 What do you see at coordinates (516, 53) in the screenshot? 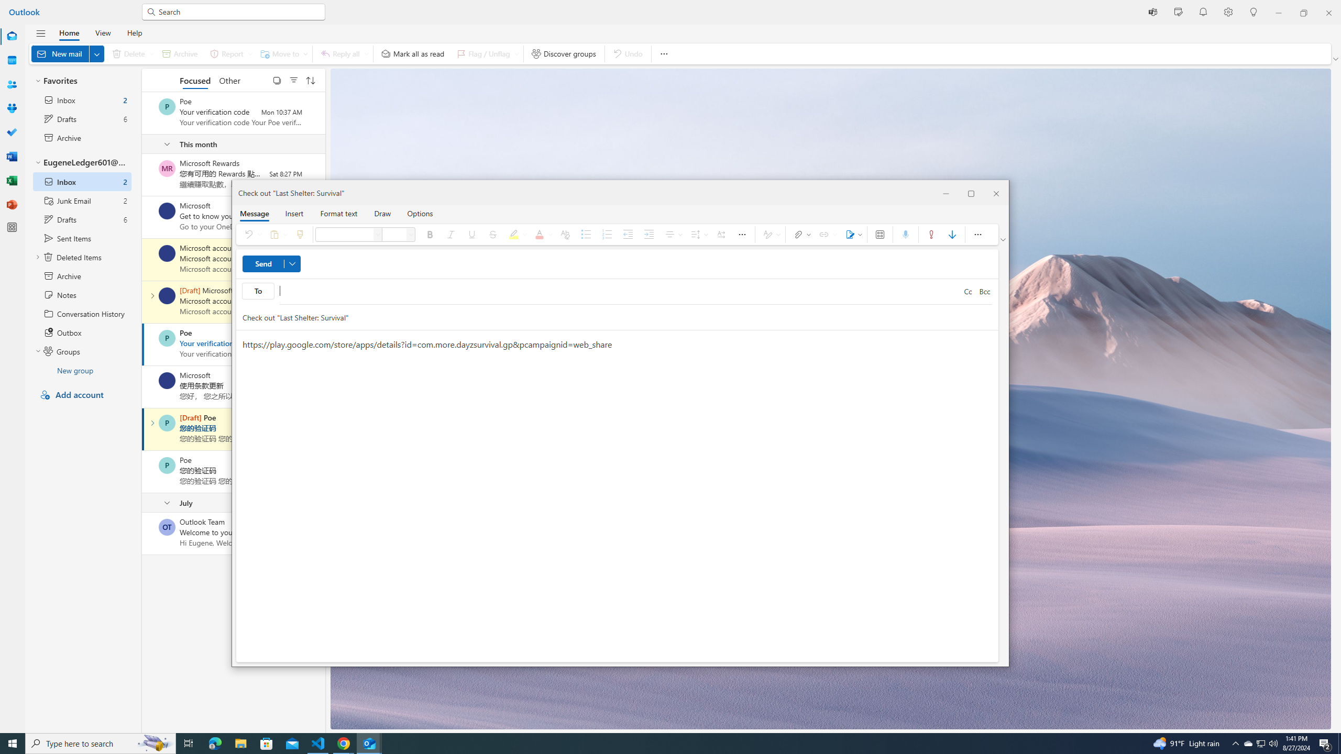
I see `'Expand to see flag options'` at bounding box center [516, 53].